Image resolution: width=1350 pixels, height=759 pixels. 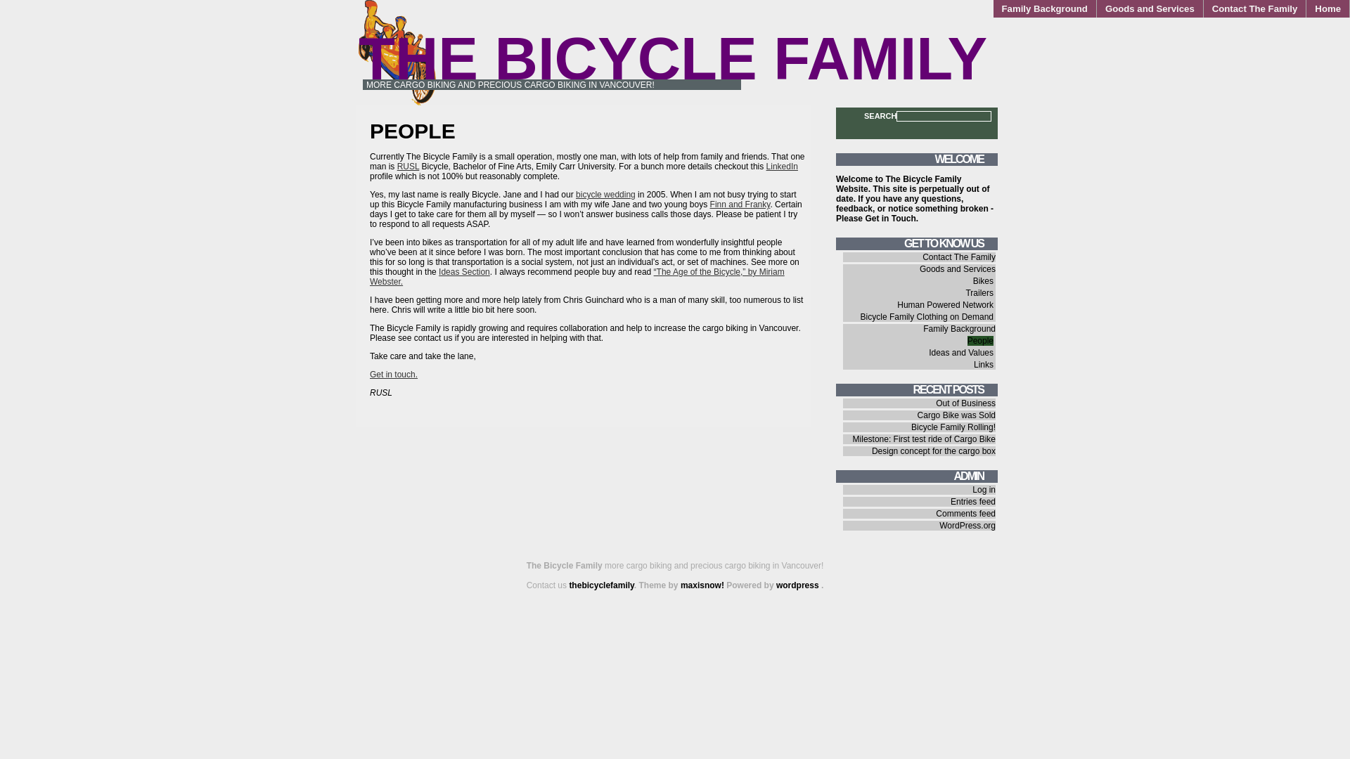 What do you see at coordinates (965, 514) in the screenshot?
I see `'Comments feed'` at bounding box center [965, 514].